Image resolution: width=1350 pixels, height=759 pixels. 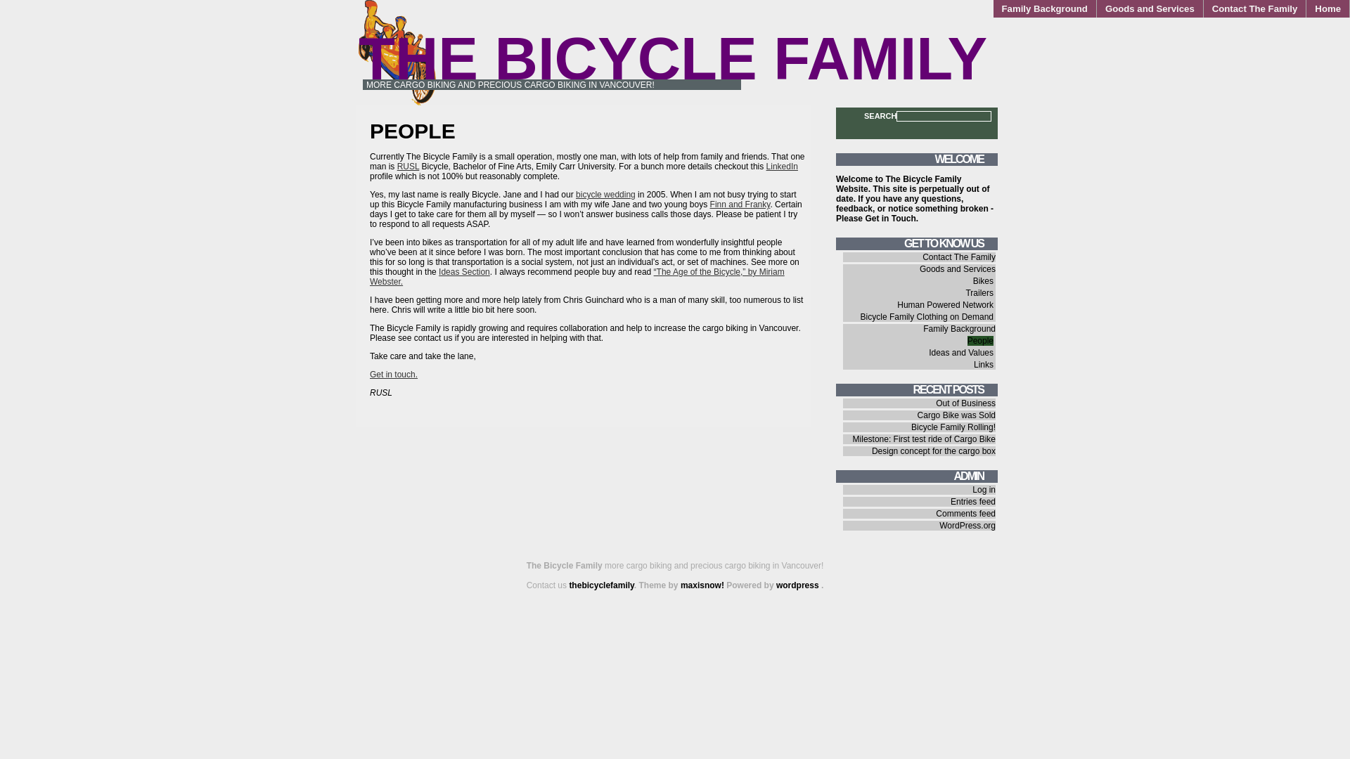 What do you see at coordinates (965, 514) in the screenshot?
I see `'Comments feed'` at bounding box center [965, 514].